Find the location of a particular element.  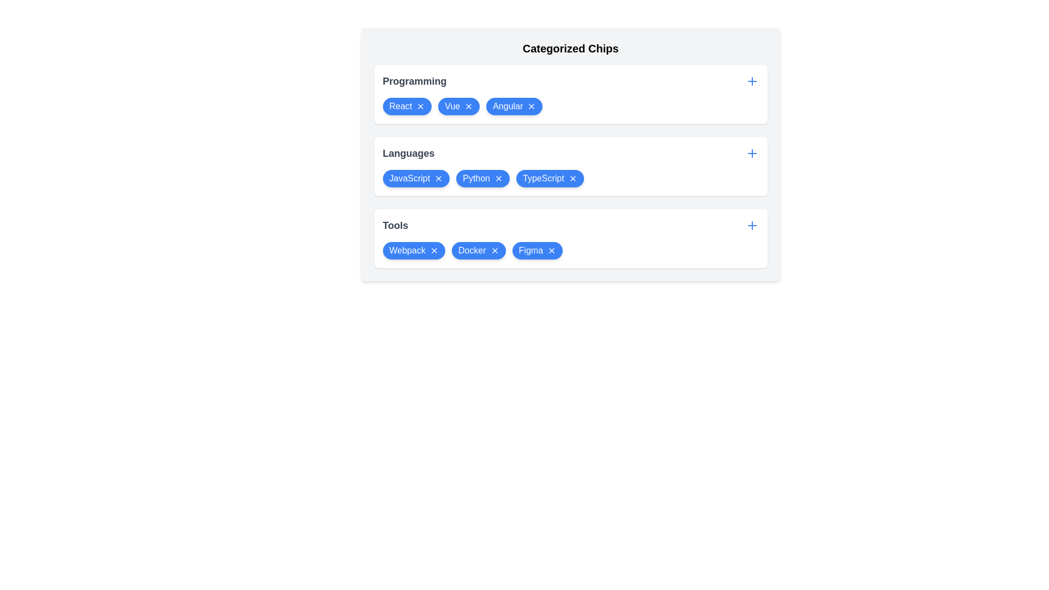

'X' icon on the chip labeled Docker in the category Tools is located at coordinates (494, 251).